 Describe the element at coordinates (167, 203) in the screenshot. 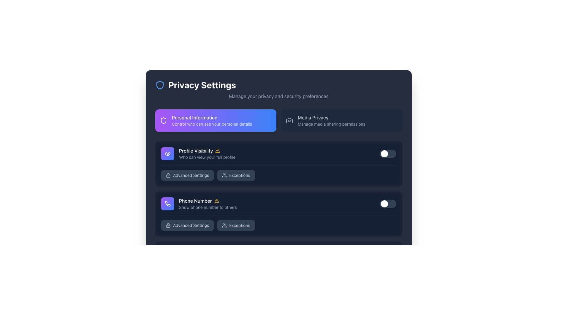

I see `the 'Phone Number' icon located in the 'Privacy Settings' interface, positioned to the left of the label text 'Phone Number'` at that location.